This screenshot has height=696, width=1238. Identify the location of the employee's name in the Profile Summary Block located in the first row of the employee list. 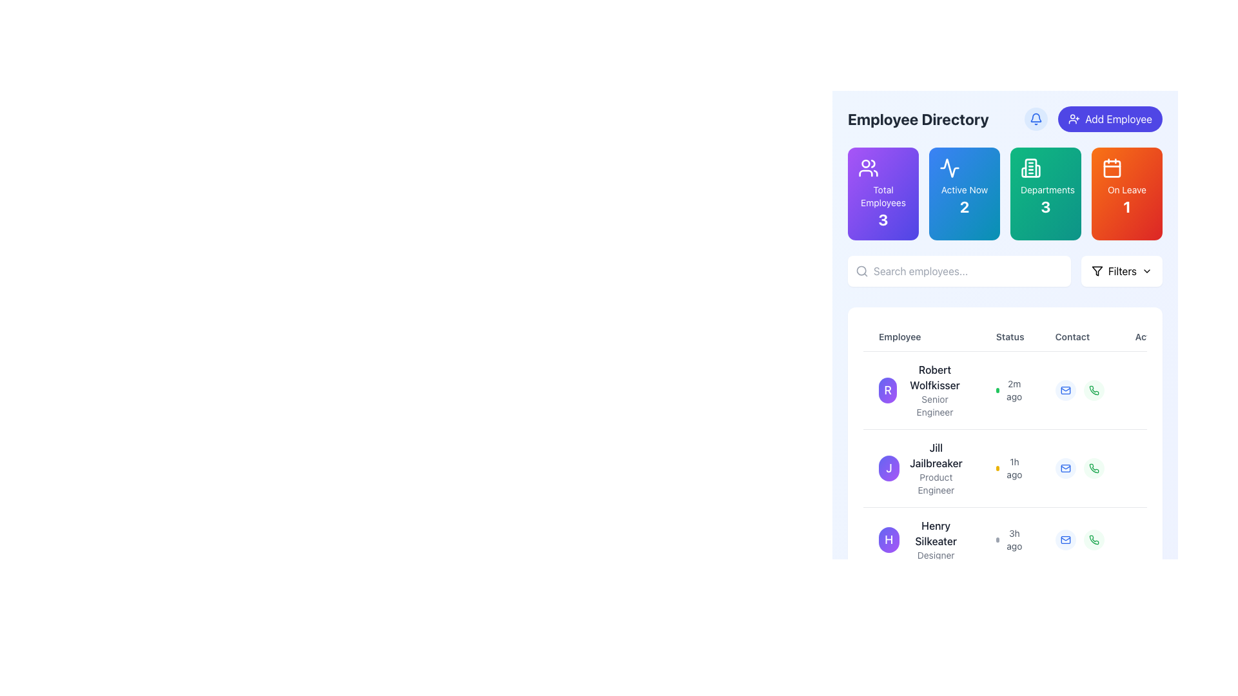
(921, 389).